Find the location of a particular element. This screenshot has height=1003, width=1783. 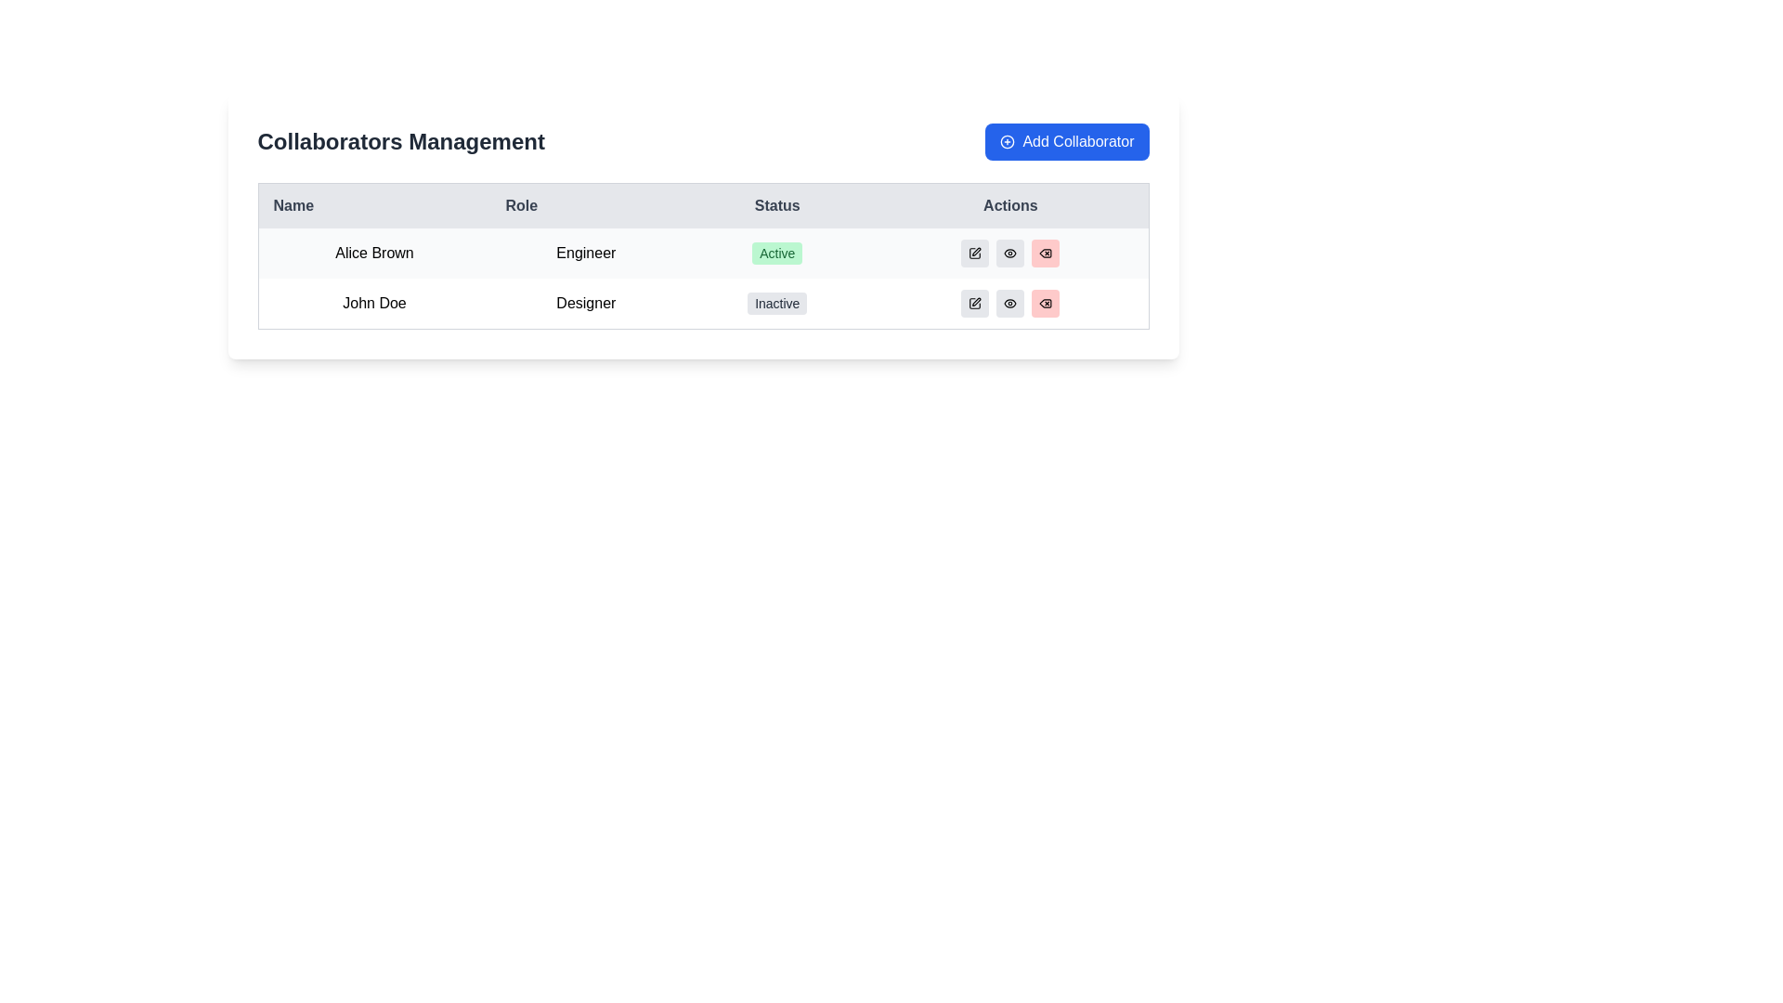

the 'View' button located in the third column labeled 'Actions' for the row corresponding to 'Alice Brown', which is the second button from the left is located at coordinates (1009, 254).